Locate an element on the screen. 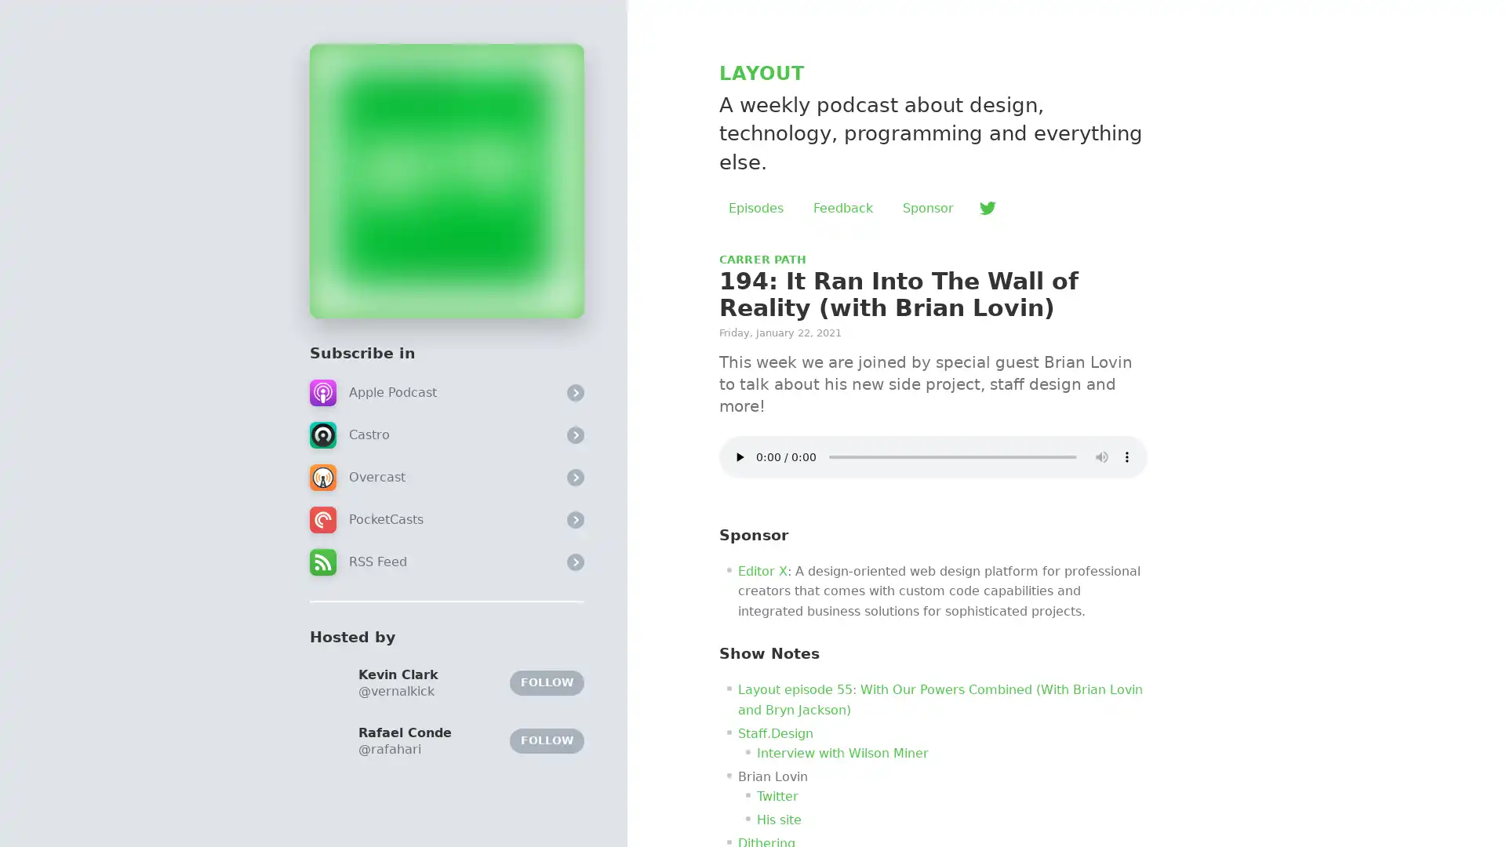 This screenshot has width=1506, height=847. mute is located at coordinates (1101, 456).